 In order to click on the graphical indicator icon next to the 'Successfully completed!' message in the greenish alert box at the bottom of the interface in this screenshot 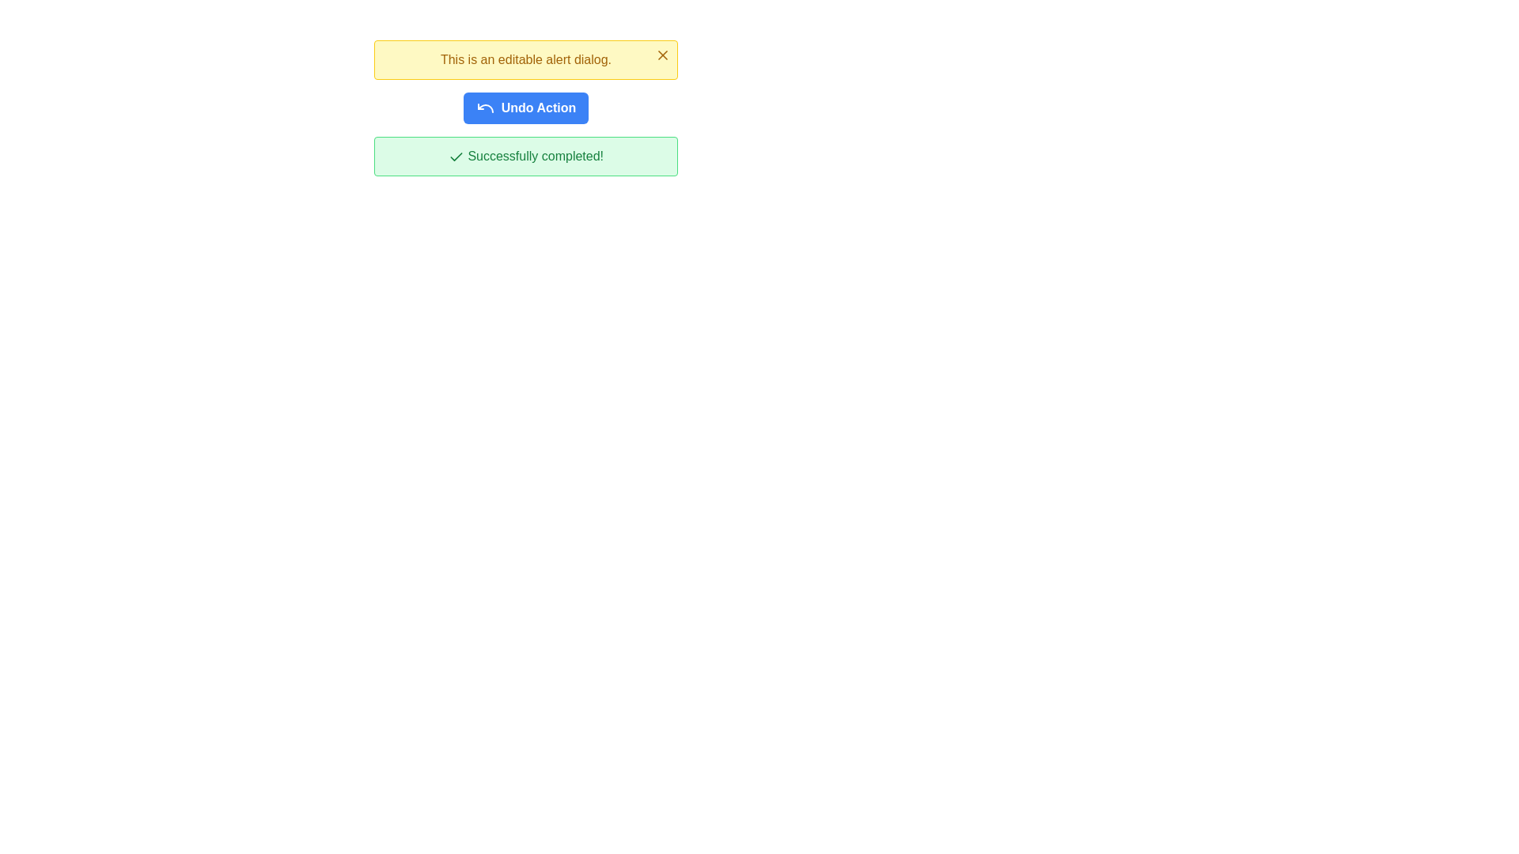, I will do `click(455, 157)`.